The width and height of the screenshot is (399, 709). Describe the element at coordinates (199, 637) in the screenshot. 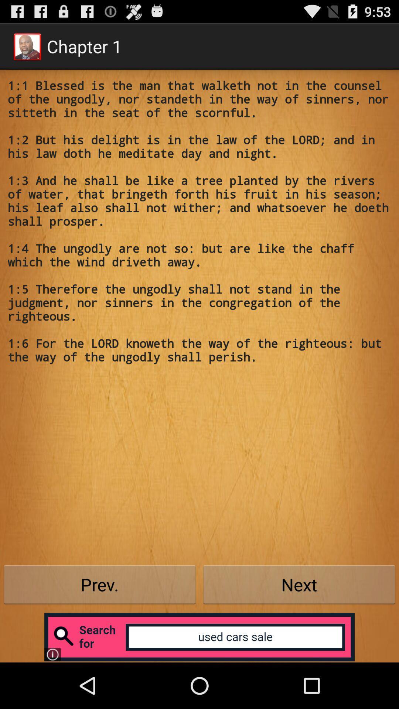

I see `open advertisement` at that location.